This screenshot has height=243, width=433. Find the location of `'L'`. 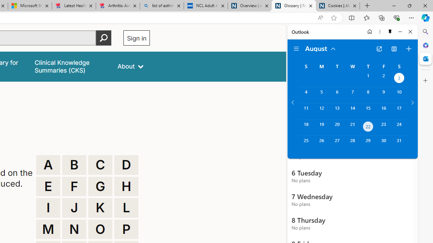

'L' is located at coordinates (126, 207).